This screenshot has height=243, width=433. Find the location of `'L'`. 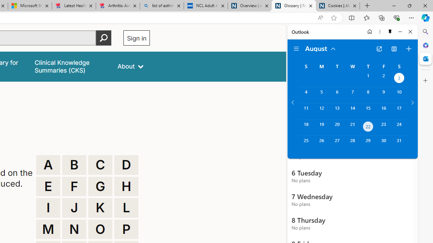

'L' is located at coordinates (126, 207).